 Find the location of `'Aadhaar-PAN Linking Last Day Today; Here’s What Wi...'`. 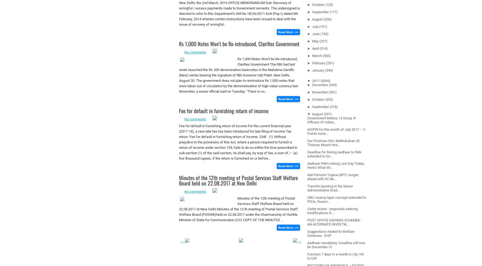

'Aadhaar-PAN Linking Last Day Today; Here’s What Wi...' is located at coordinates (307, 165).